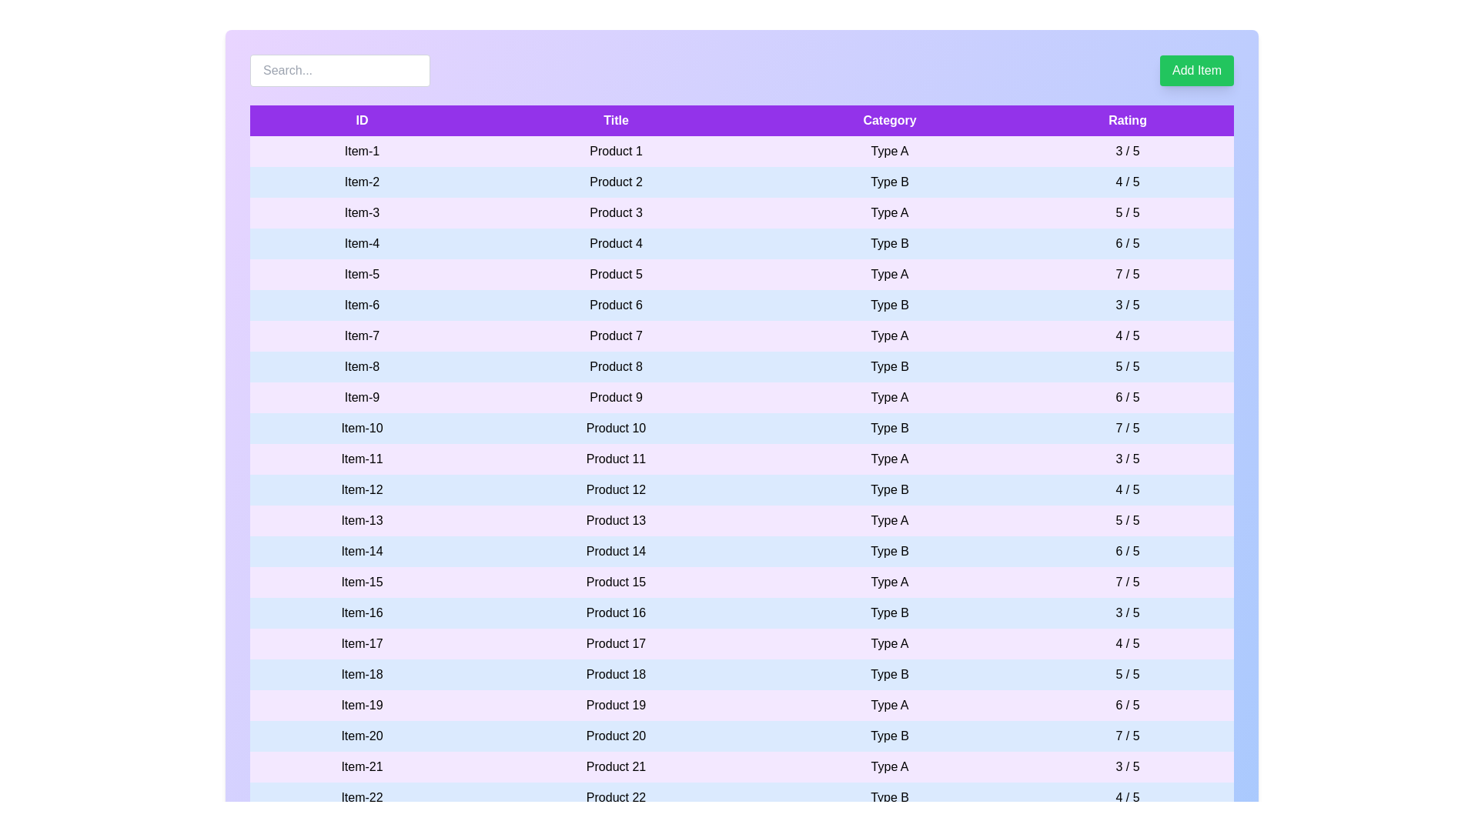  What do you see at coordinates (616, 120) in the screenshot?
I see `the table header labeled Title to sort the column` at bounding box center [616, 120].